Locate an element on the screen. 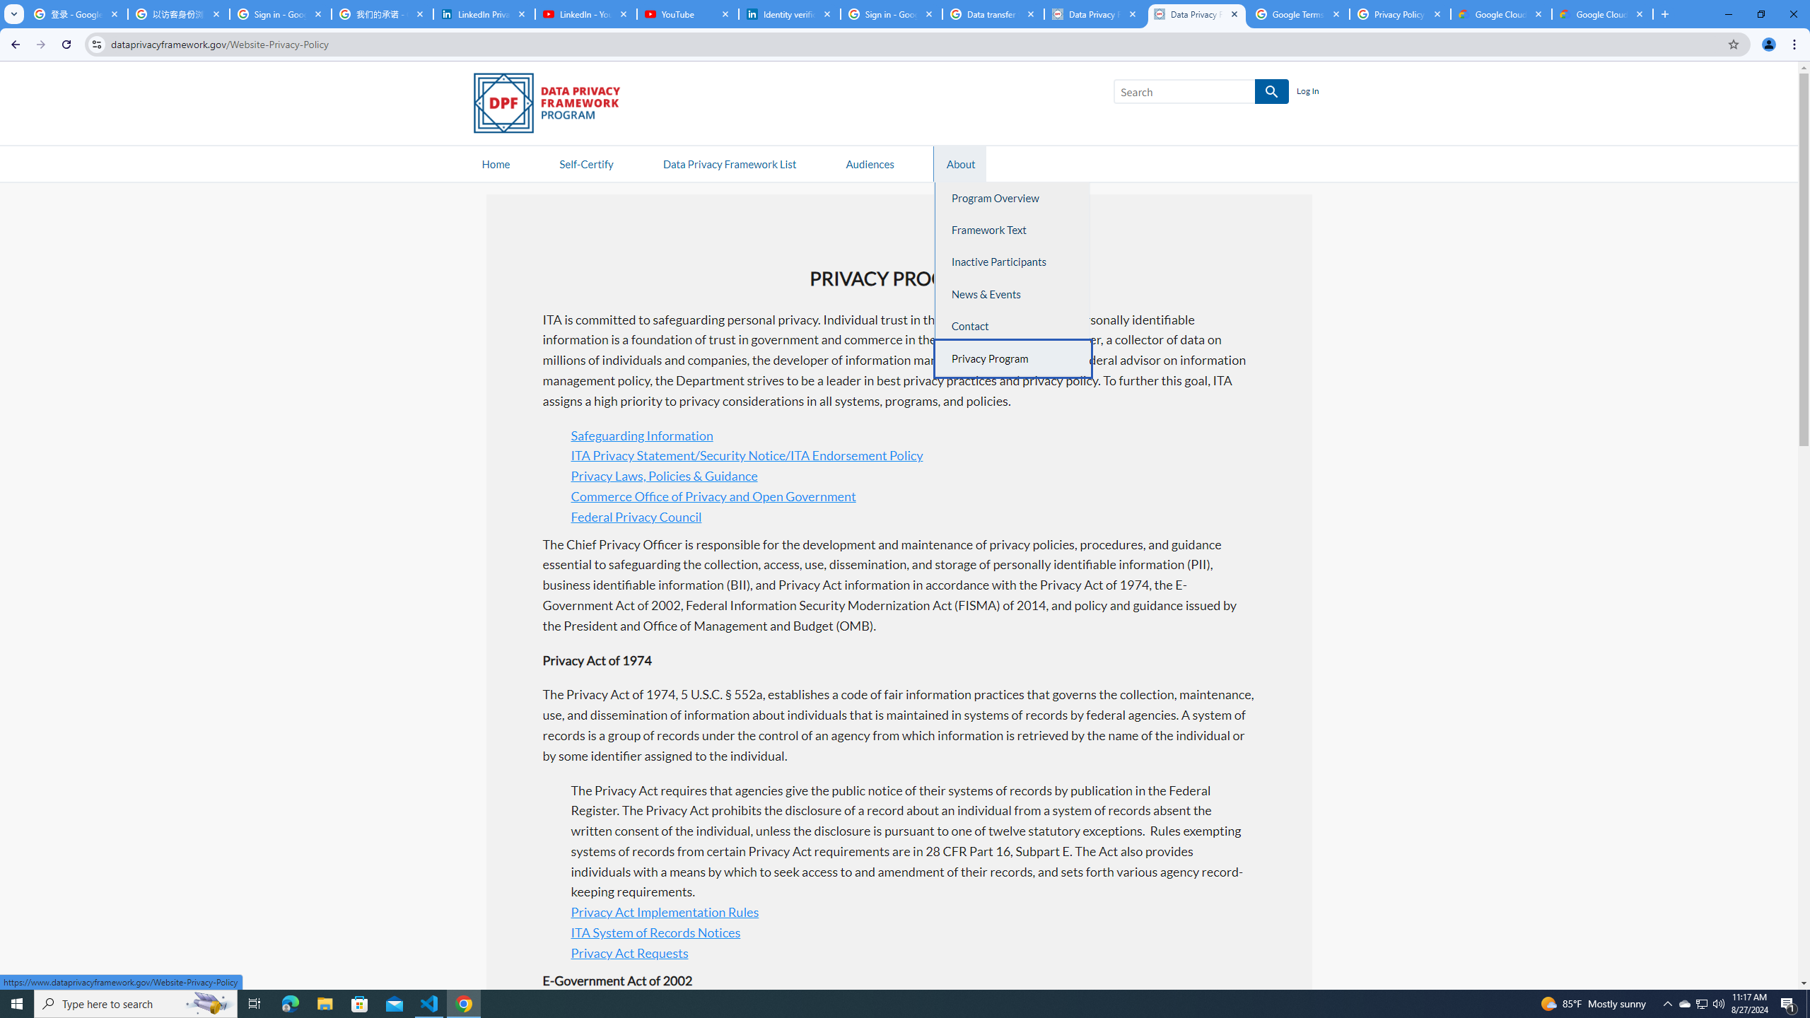  'Log In' is located at coordinates (1307, 91).